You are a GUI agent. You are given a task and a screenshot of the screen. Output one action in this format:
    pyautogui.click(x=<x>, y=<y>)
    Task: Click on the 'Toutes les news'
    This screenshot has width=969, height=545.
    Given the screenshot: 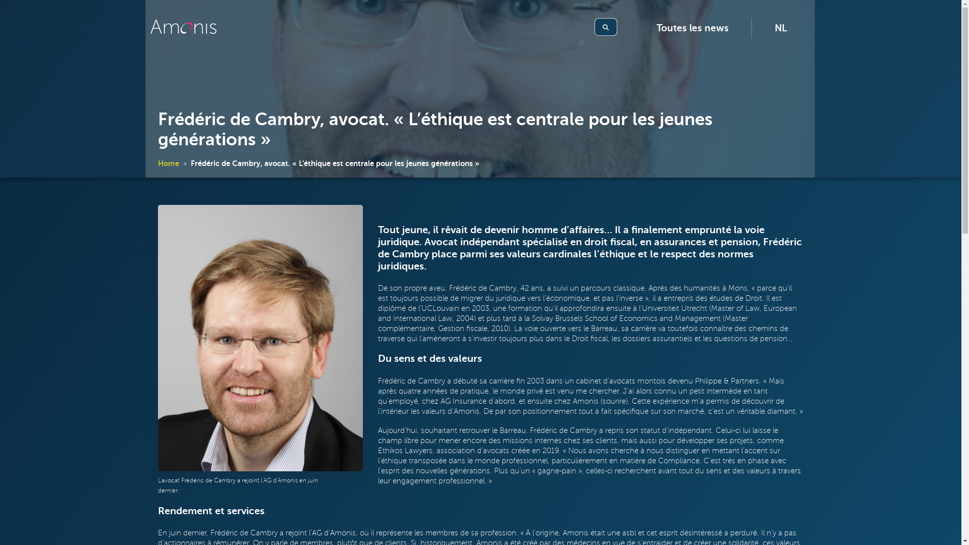 What is the action you would take?
    pyautogui.click(x=692, y=27)
    